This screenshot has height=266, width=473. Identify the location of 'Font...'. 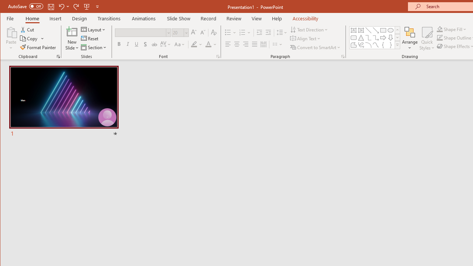
(218, 56).